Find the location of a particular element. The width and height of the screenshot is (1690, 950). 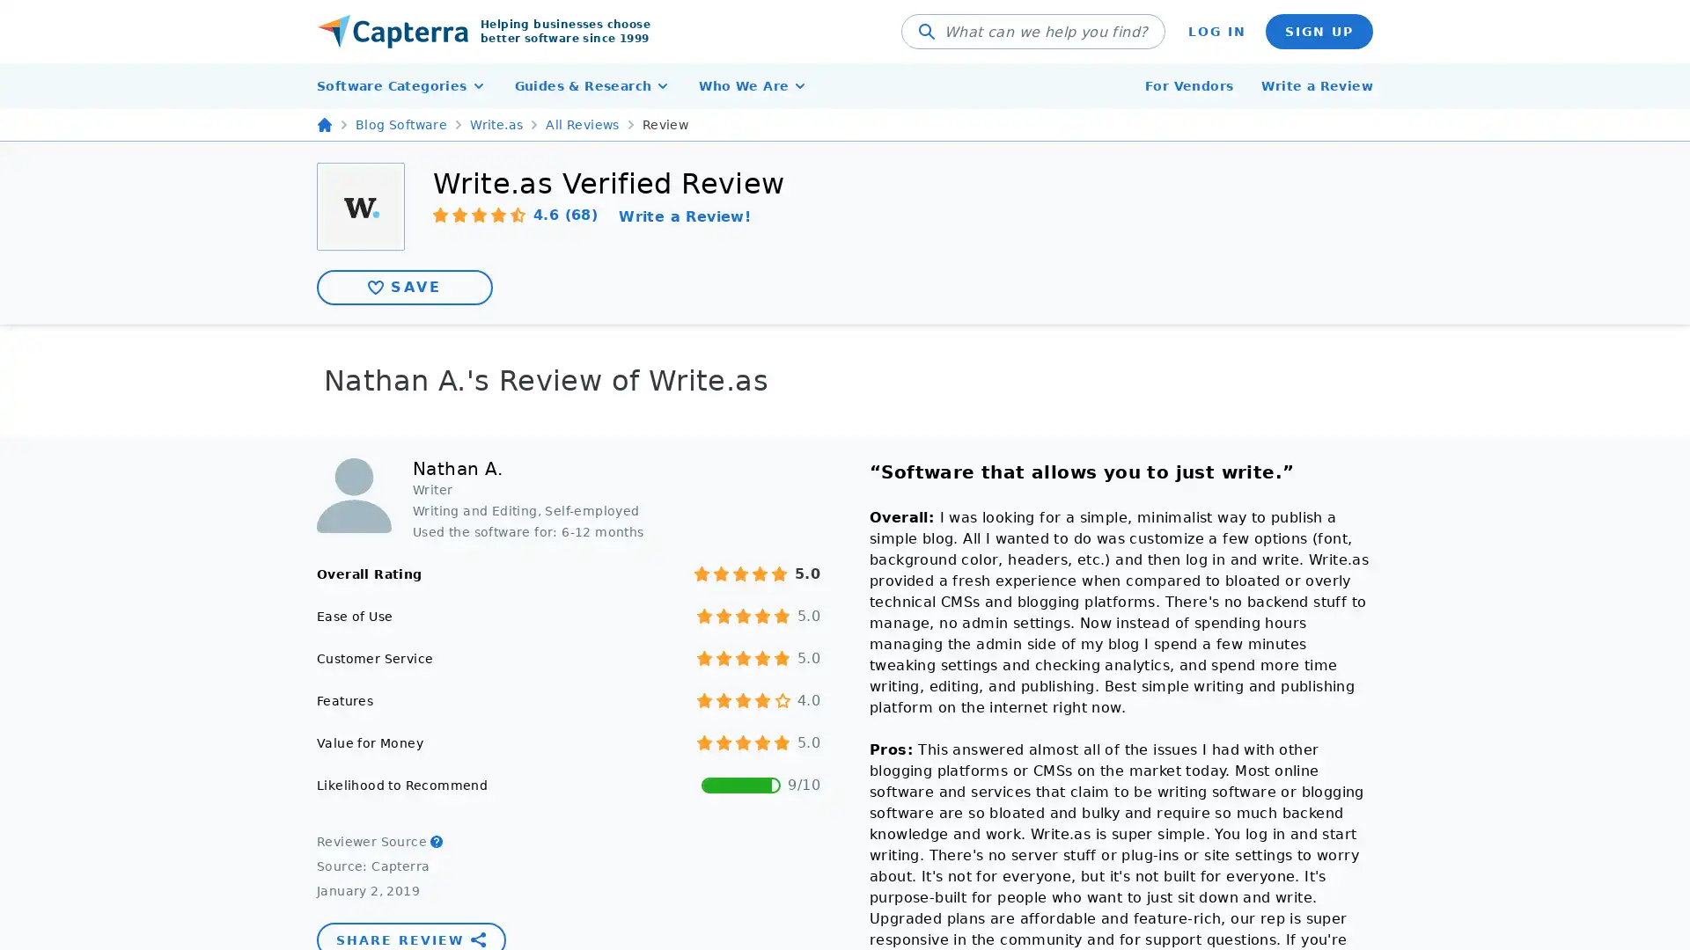

SIGN UP is located at coordinates (1319, 31).